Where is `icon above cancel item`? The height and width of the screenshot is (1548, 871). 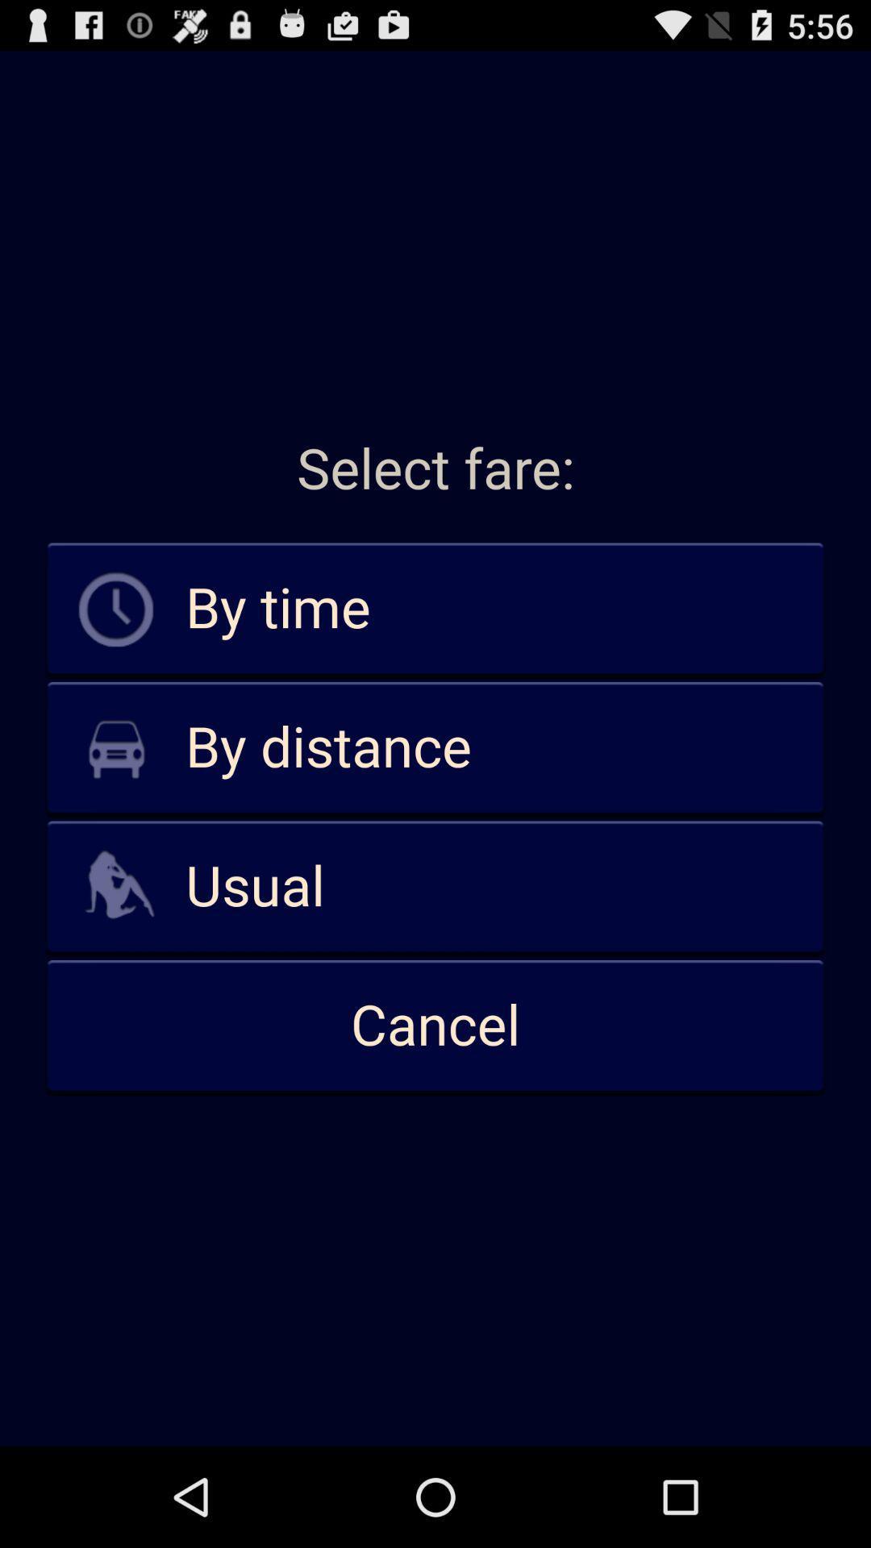
icon above cancel item is located at coordinates (435, 886).